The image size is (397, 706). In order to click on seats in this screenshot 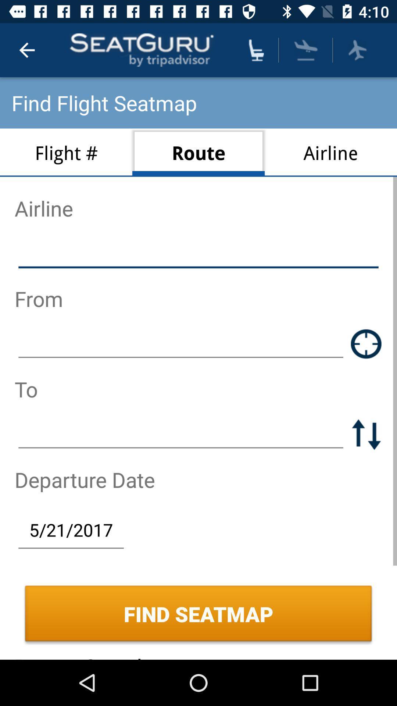, I will do `click(256, 50)`.